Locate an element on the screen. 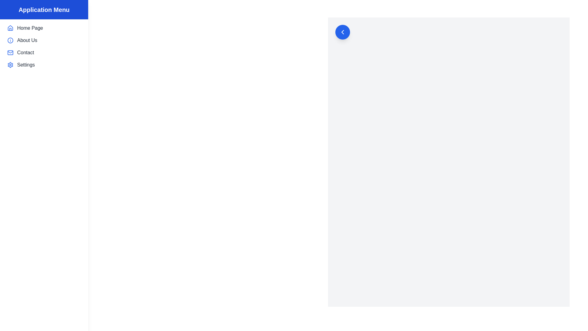 The width and height of the screenshot is (588, 331). the navigation button for the 'Home Page', which is the first entry in the vertical navigation menu on the left side of the interface is located at coordinates (44, 28).